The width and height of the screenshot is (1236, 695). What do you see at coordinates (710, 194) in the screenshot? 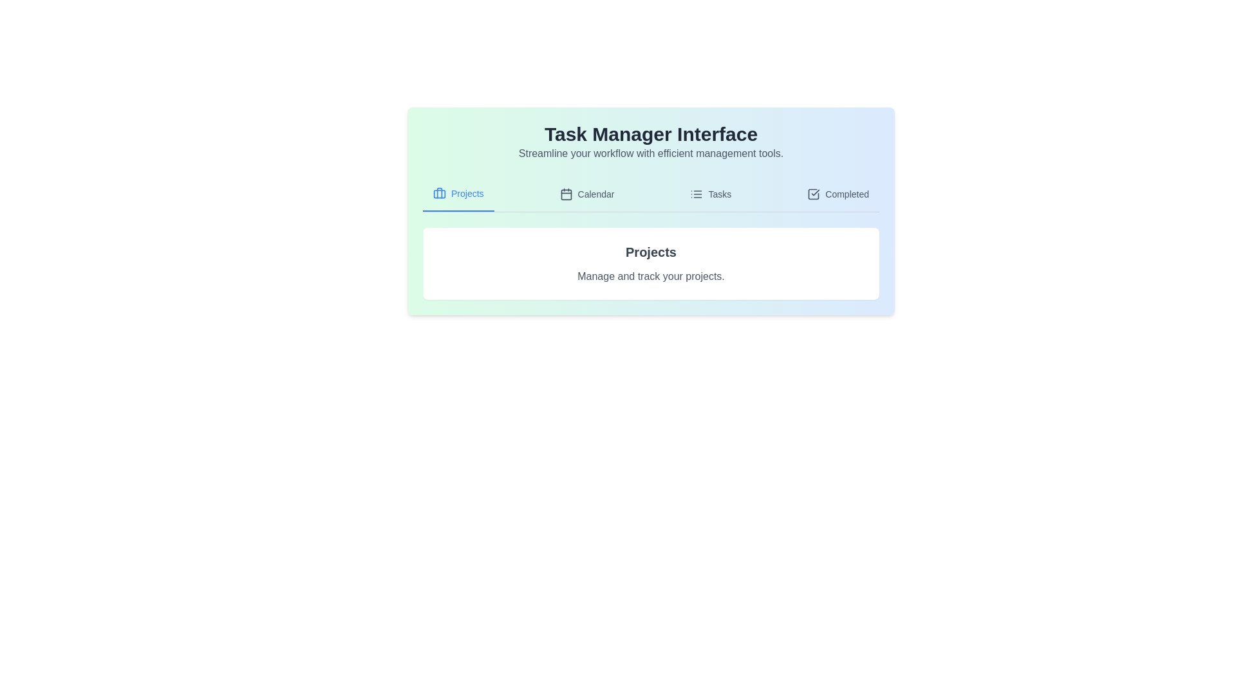
I see `the tab labeled 'Tasks' to observe the visual cue` at bounding box center [710, 194].